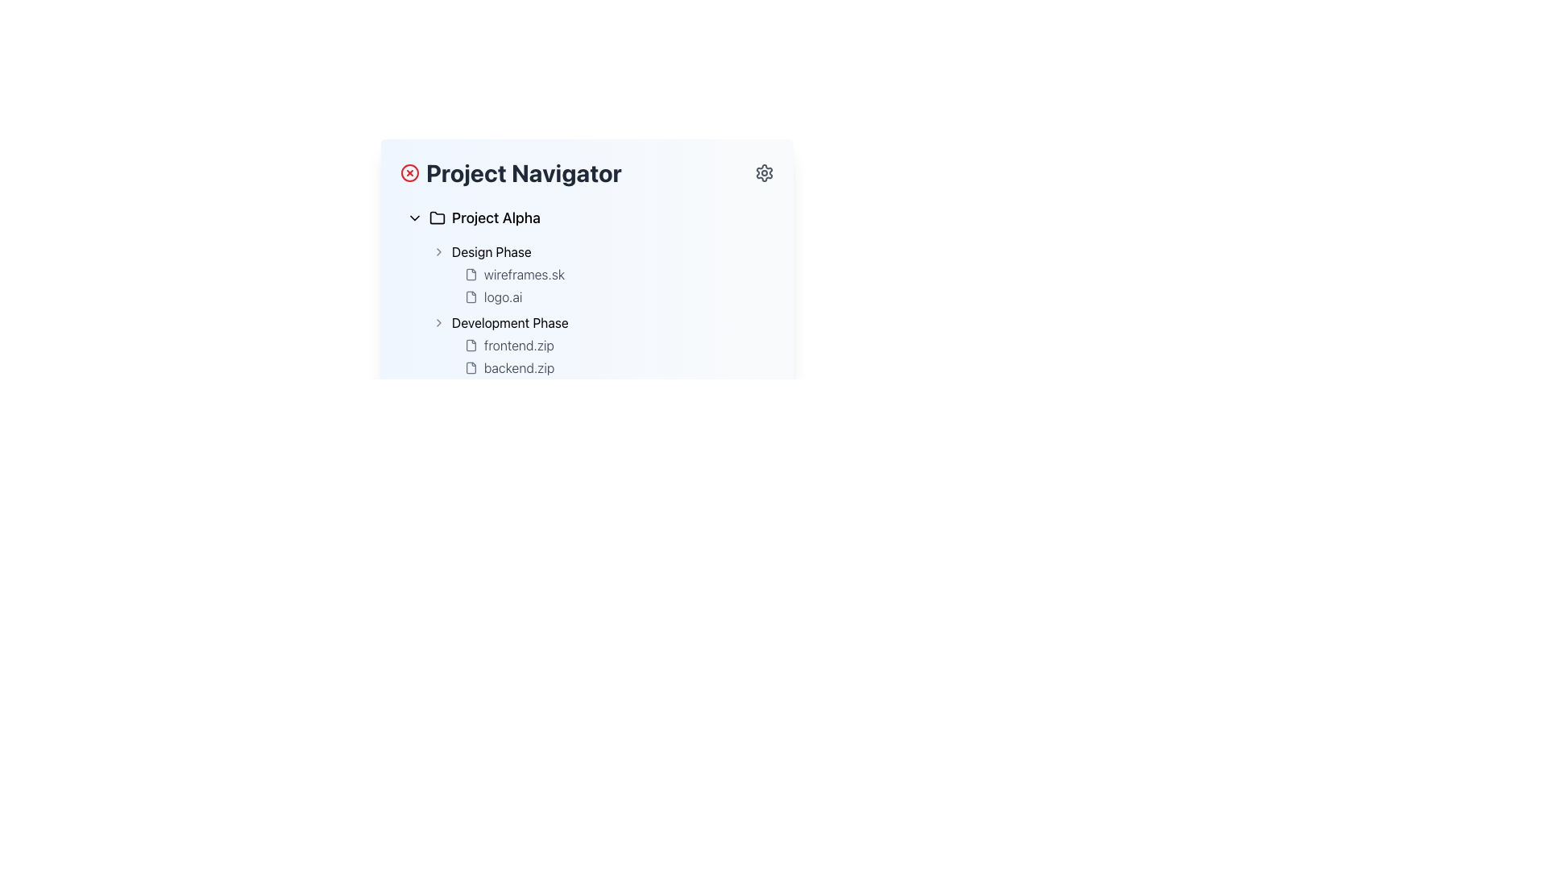  What do you see at coordinates (599, 310) in the screenshot?
I see `an item in the List Component under the 'Project Alpha' section` at bounding box center [599, 310].